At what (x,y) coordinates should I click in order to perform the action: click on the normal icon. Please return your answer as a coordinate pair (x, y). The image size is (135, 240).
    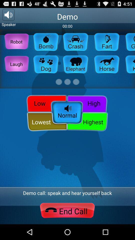
    Looking at the image, I should click on (67, 113).